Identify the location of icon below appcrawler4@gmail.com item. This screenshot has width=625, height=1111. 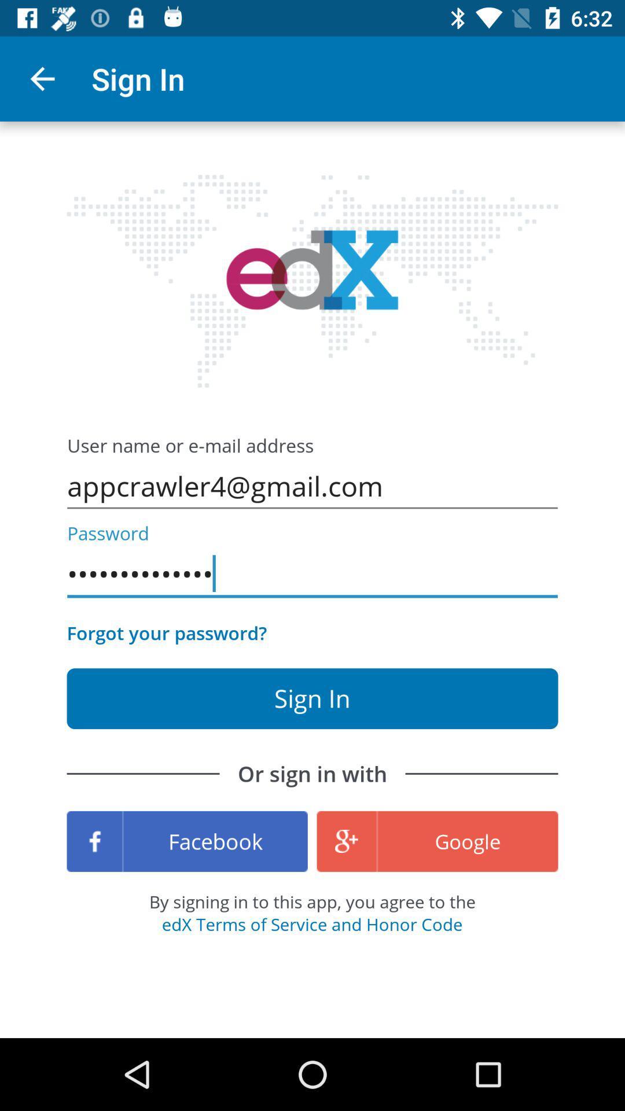
(312, 574).